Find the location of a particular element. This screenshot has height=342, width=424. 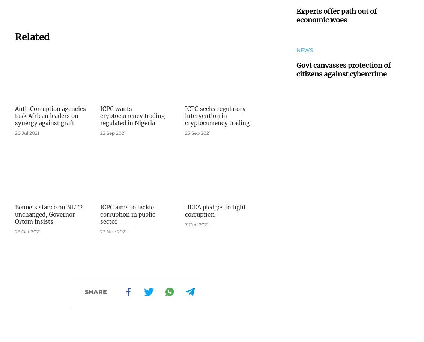

'Govt canvasses  protection of citizens against cybercrime' is located at coordinates (343, 69).